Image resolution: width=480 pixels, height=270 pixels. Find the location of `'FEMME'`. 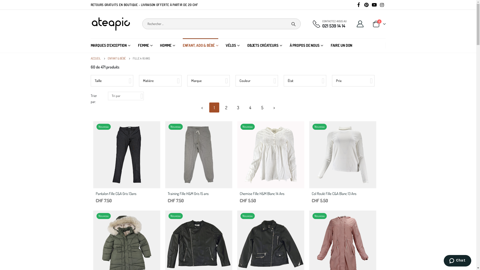

'FEMME' is located at coordinates (138, 45).